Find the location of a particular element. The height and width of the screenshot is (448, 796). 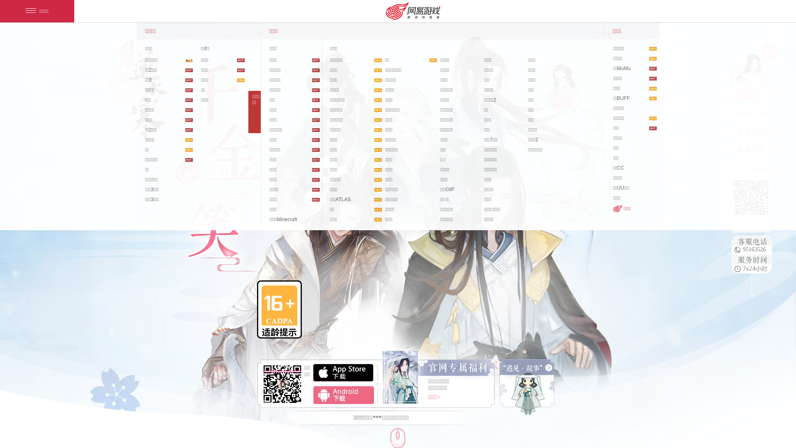

'16+' is located at coordinates (279, 309).